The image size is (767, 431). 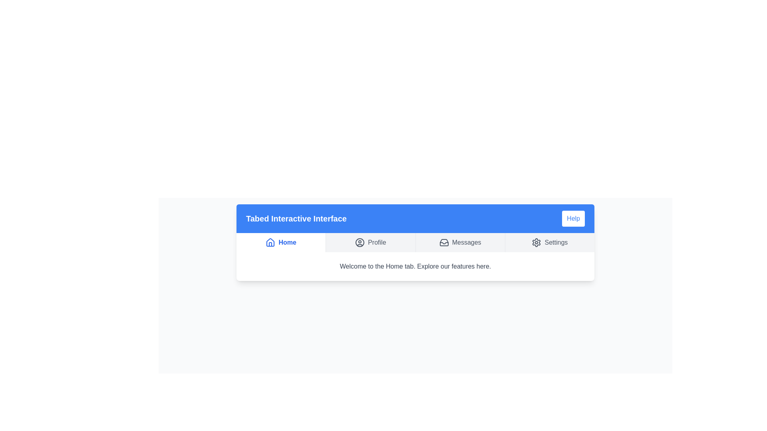 I want to click on the 'Profile' navigational label, which is located between the 'Home' label and the 'Messages' label in the top-center of the interface, so click(x=376, y=242).